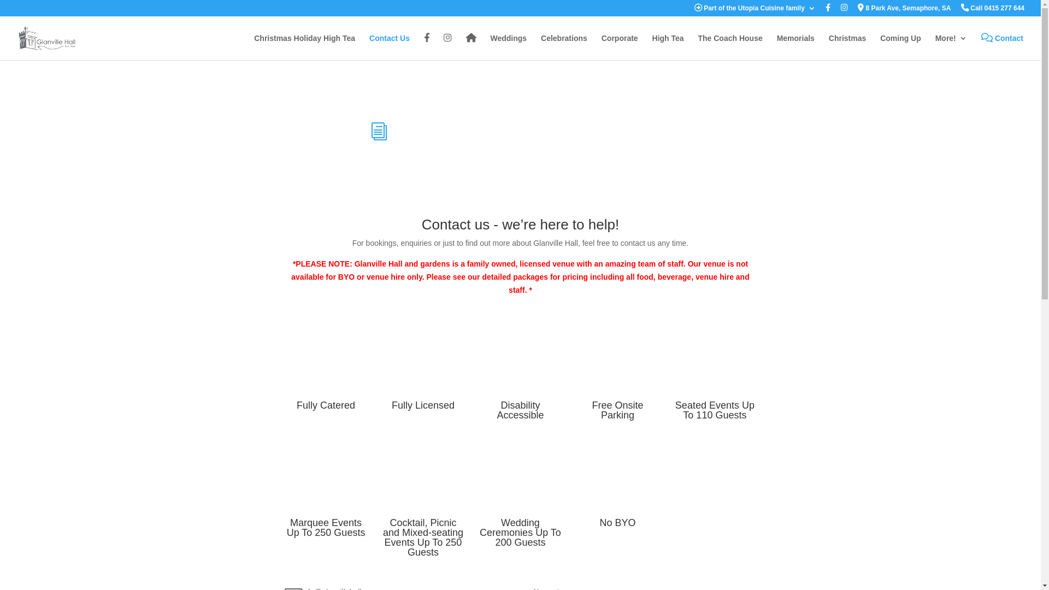 This screenshot has height=590, width=1049. What do you see at coordinates (844, 10) in the screenshot?
I see `'Instagram'` at bounding box center [844, 10].